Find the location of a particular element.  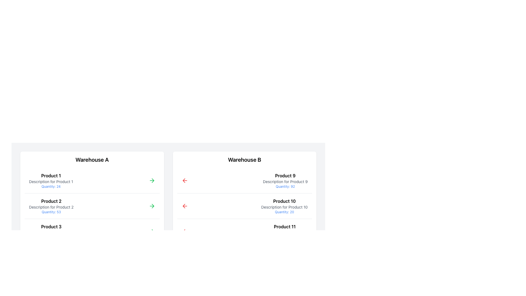

the text label displaying 'Quantity: 92' in a small-sized, blue-colored font, located in the third row of the 'Warehouse B' section, directly below 'Product 9' is located at coordinates (285, 186).